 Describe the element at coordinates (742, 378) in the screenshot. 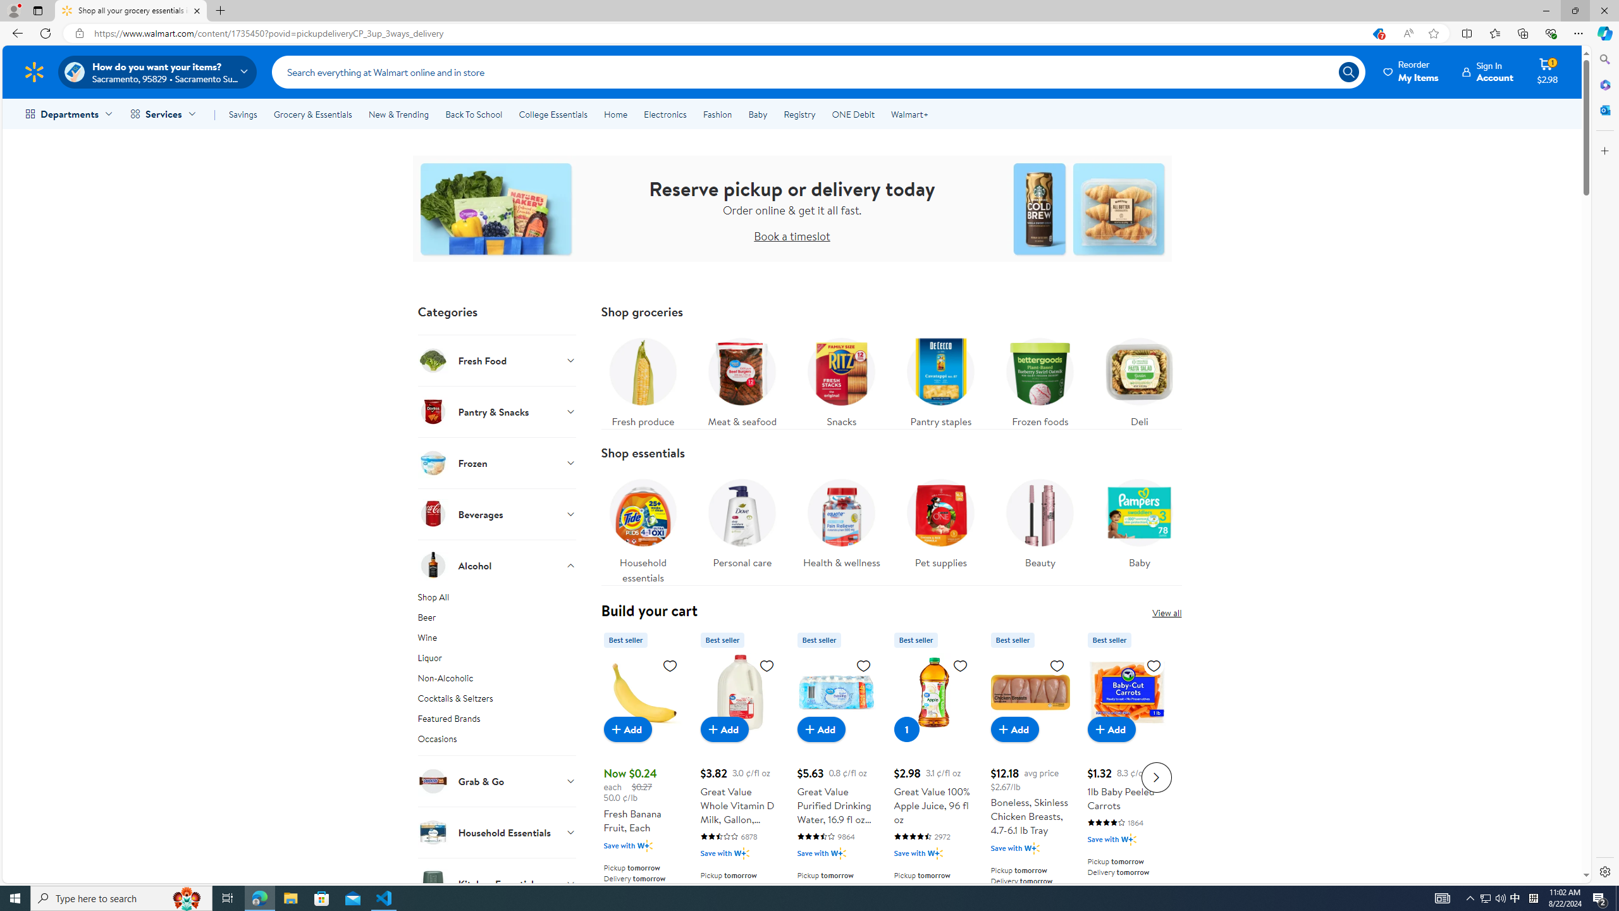

I see `'Meat & seafood'` at that location.